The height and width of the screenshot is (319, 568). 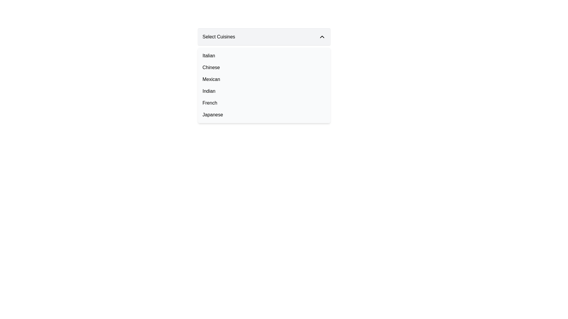 I want to click on the dropdown menu labeled 'Select Cuisines', so click(x=264, y=75).